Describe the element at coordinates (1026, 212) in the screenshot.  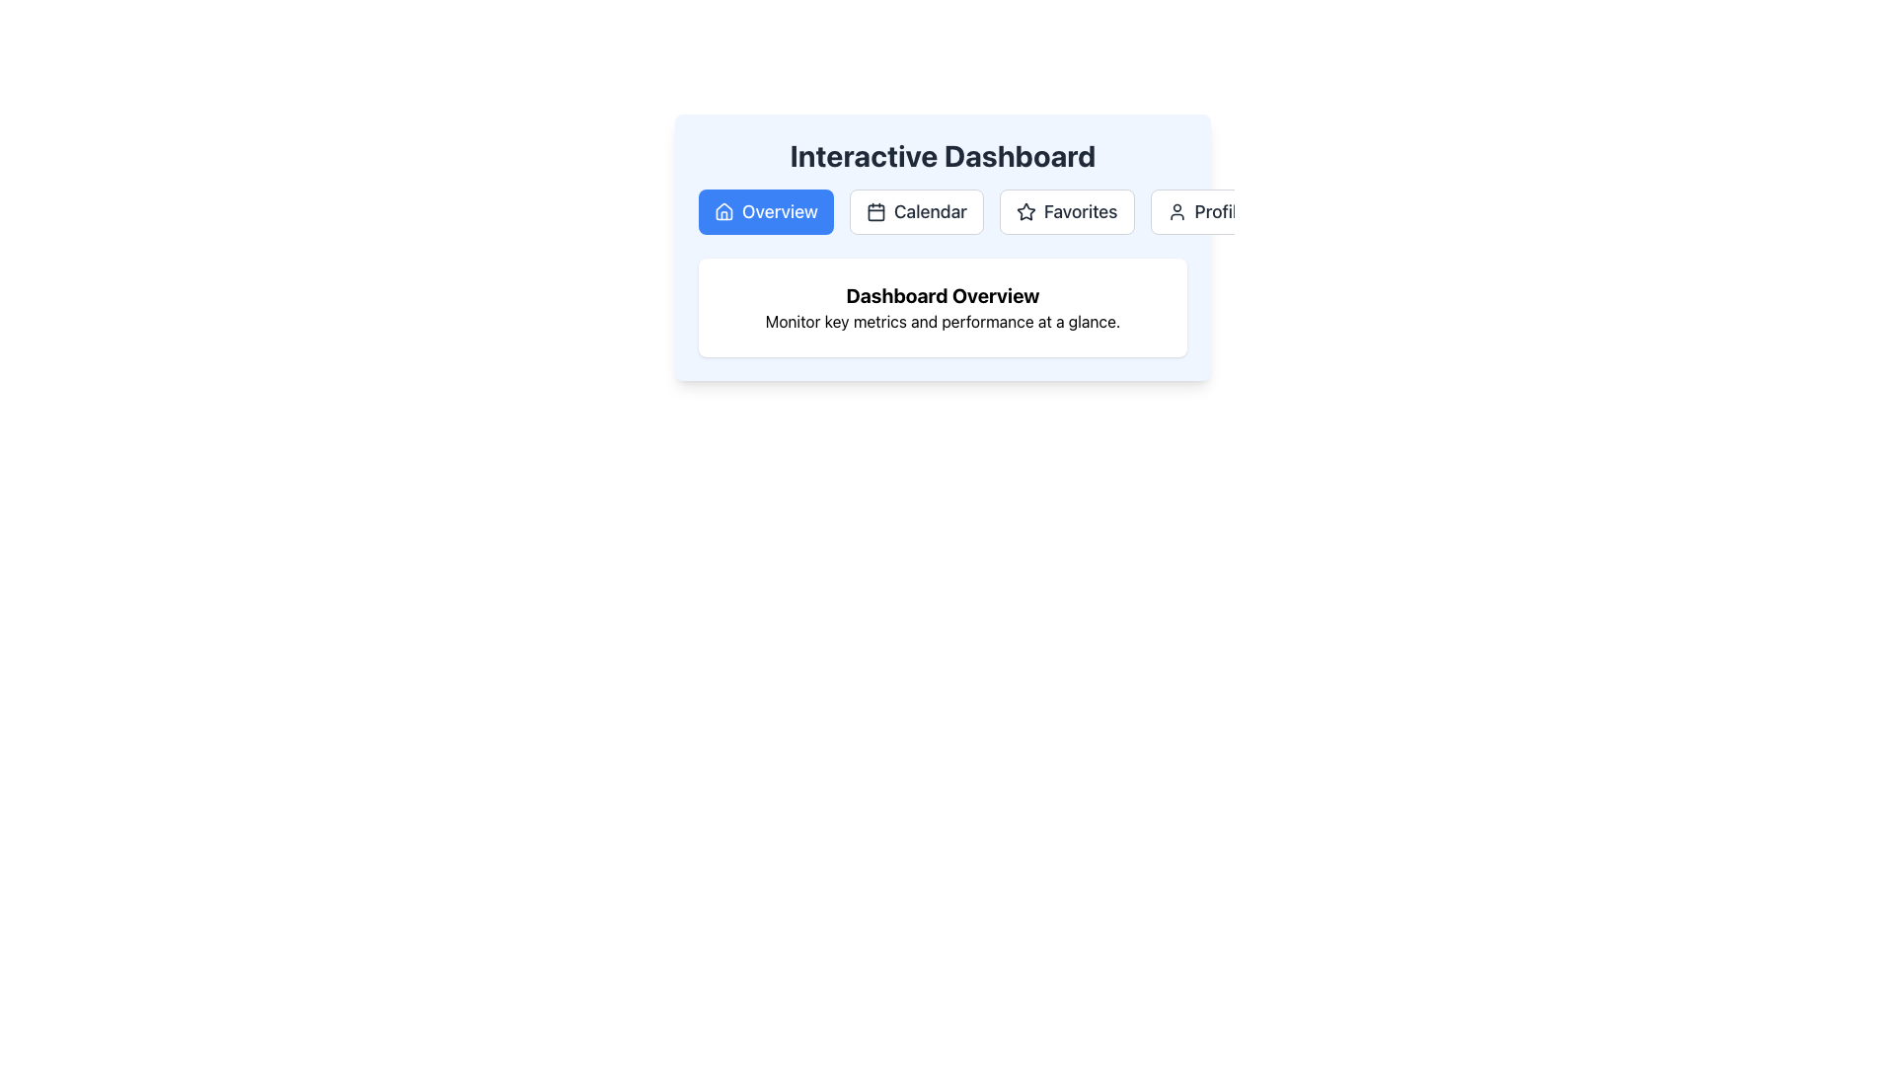
I see `the star-shaped icon with a dark stroke on a white background located to the left of the 'Favorites' text in the navigation area of the 'Interactive Dashboard'` at that location.